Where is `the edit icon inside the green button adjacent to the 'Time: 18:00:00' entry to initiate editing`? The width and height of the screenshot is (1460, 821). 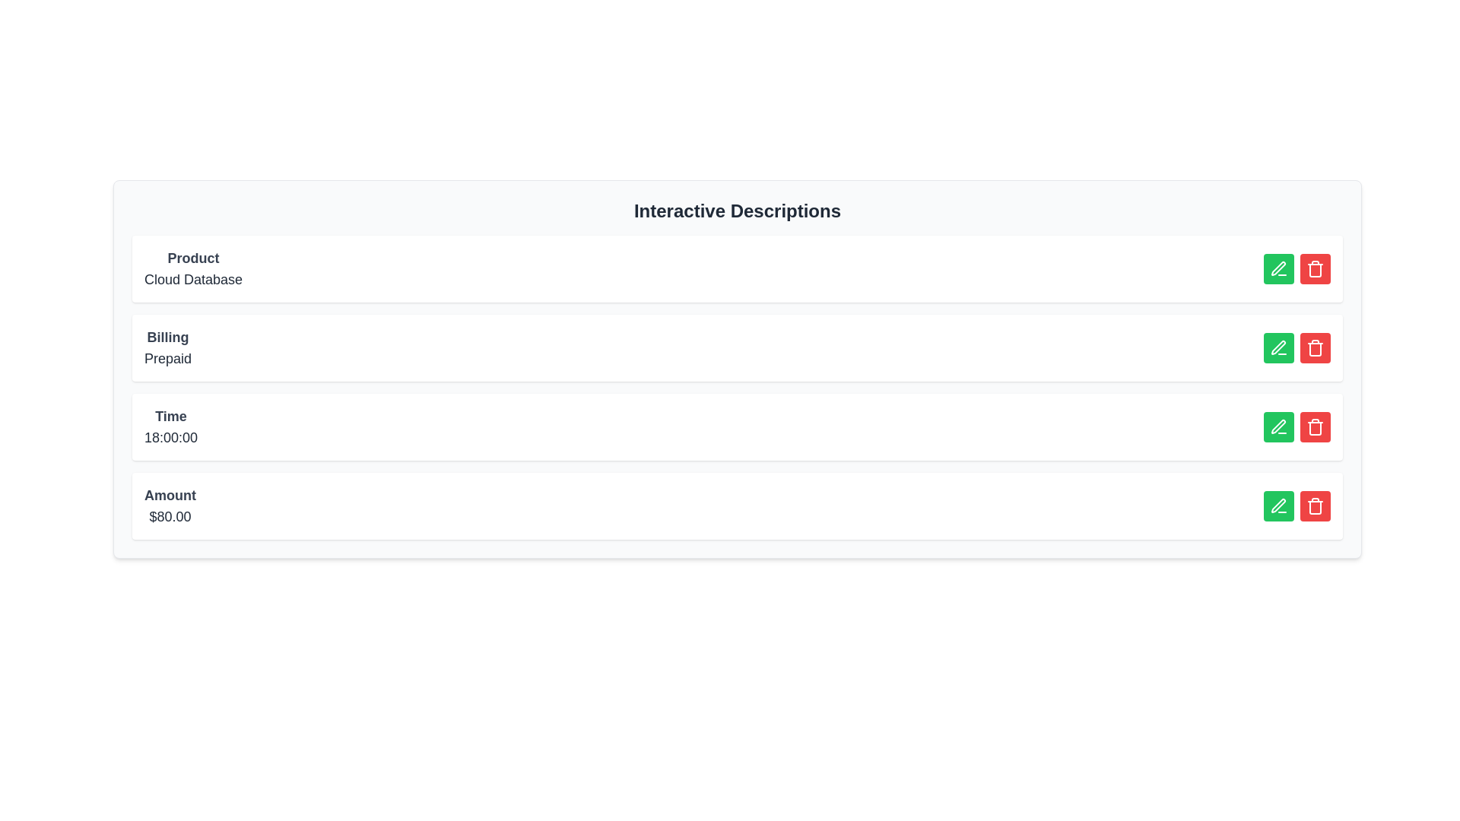 the edit icon inside the green button adjacent to the 'Time: 18:00:00' entry to initiate editing is located at coordinates (1277, 427).